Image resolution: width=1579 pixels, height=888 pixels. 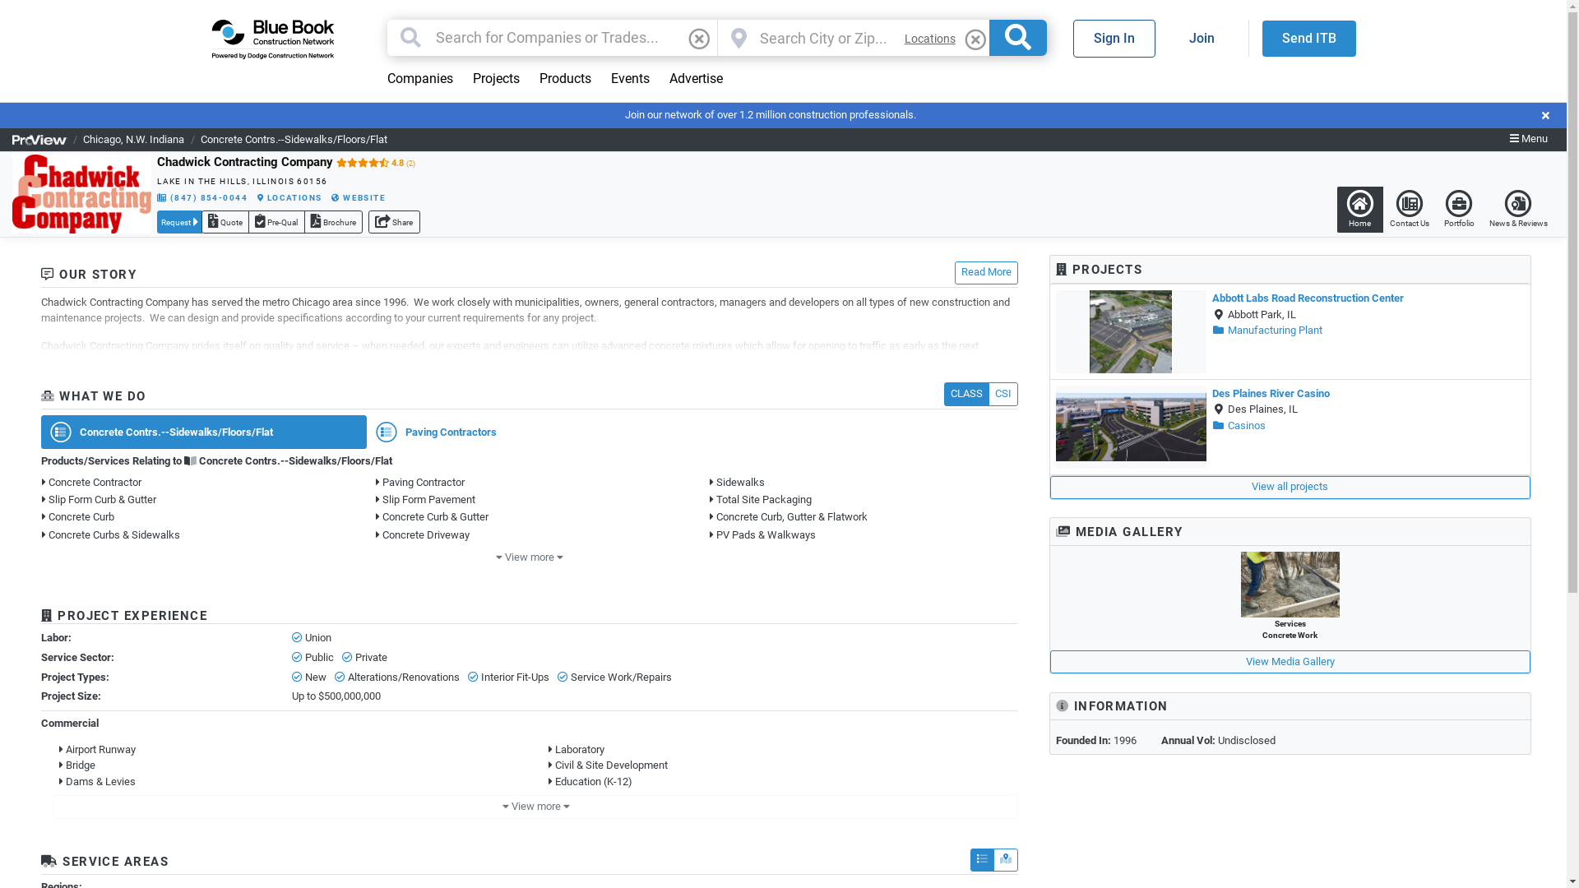 I want to click on 'Send ITB', so click(x=1307, y=37).